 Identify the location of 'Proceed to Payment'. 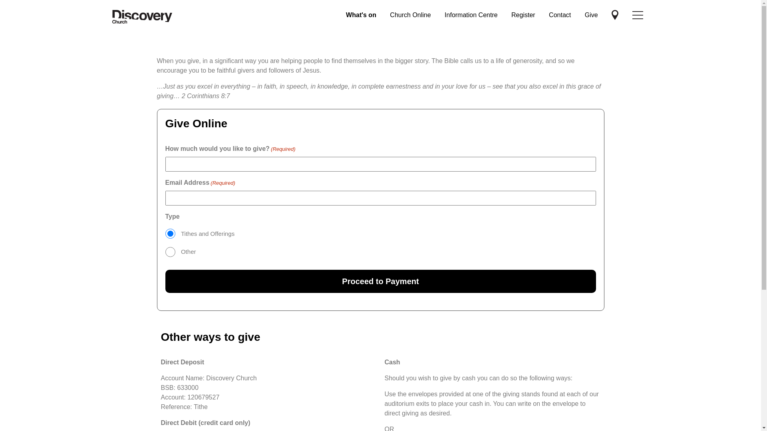
(165, 281).